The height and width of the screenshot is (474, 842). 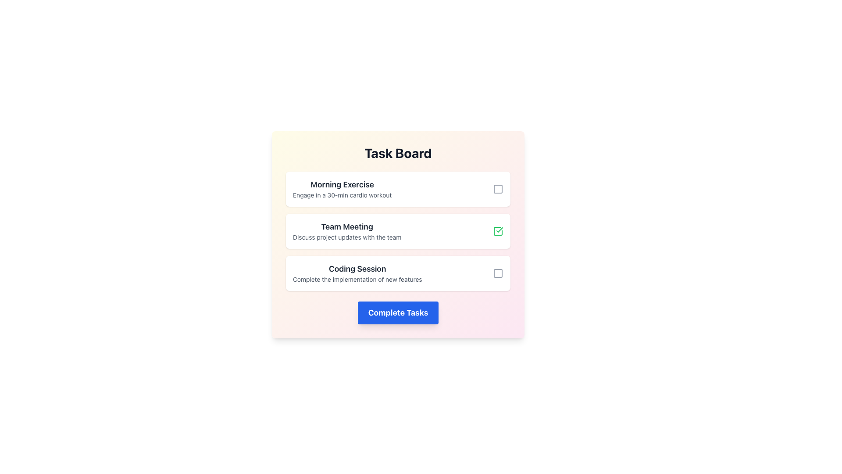 What do you see at coordinates (498, 189) in the screenshot?
I see `the checkbox located at the top-right corner of the 'Morning Exercise' list item in the 'Task Board'` at bounding box center [498, 189].